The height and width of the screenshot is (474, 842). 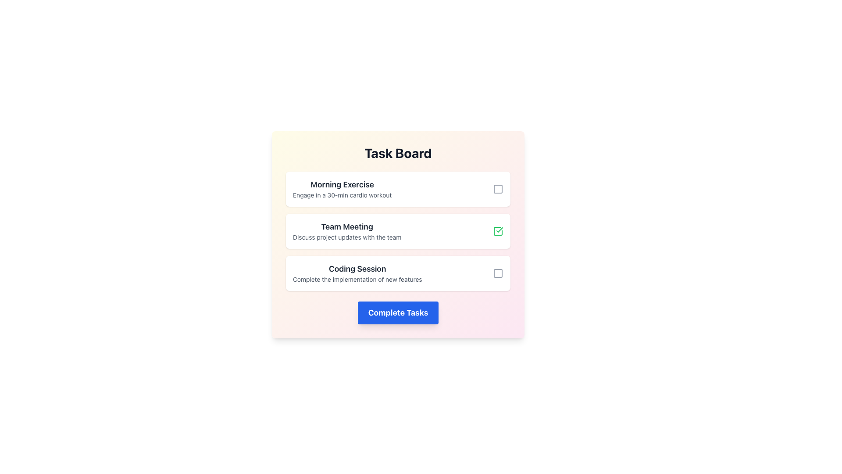 What do you see at coordinates (498, 189) in the screenshot?
I see `the checkbox located at the top-right corner of the 'Morning Exercise' list item in the 'Task Board'` at bounding box center [498, 189].